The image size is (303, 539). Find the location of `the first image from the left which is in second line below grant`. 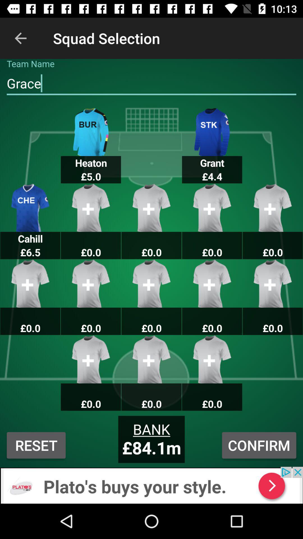

the first image from the left which is in second line below grant is located at coordinates (272, 284).